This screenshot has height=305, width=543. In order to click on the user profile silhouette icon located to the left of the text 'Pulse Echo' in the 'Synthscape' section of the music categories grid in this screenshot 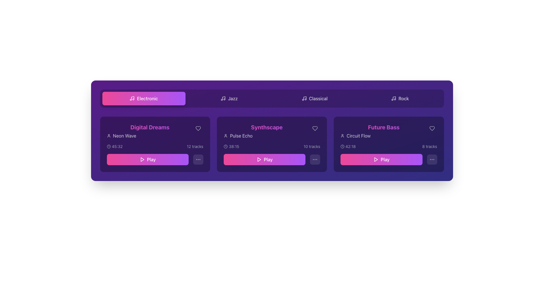, I will do `click(225, 136)`.